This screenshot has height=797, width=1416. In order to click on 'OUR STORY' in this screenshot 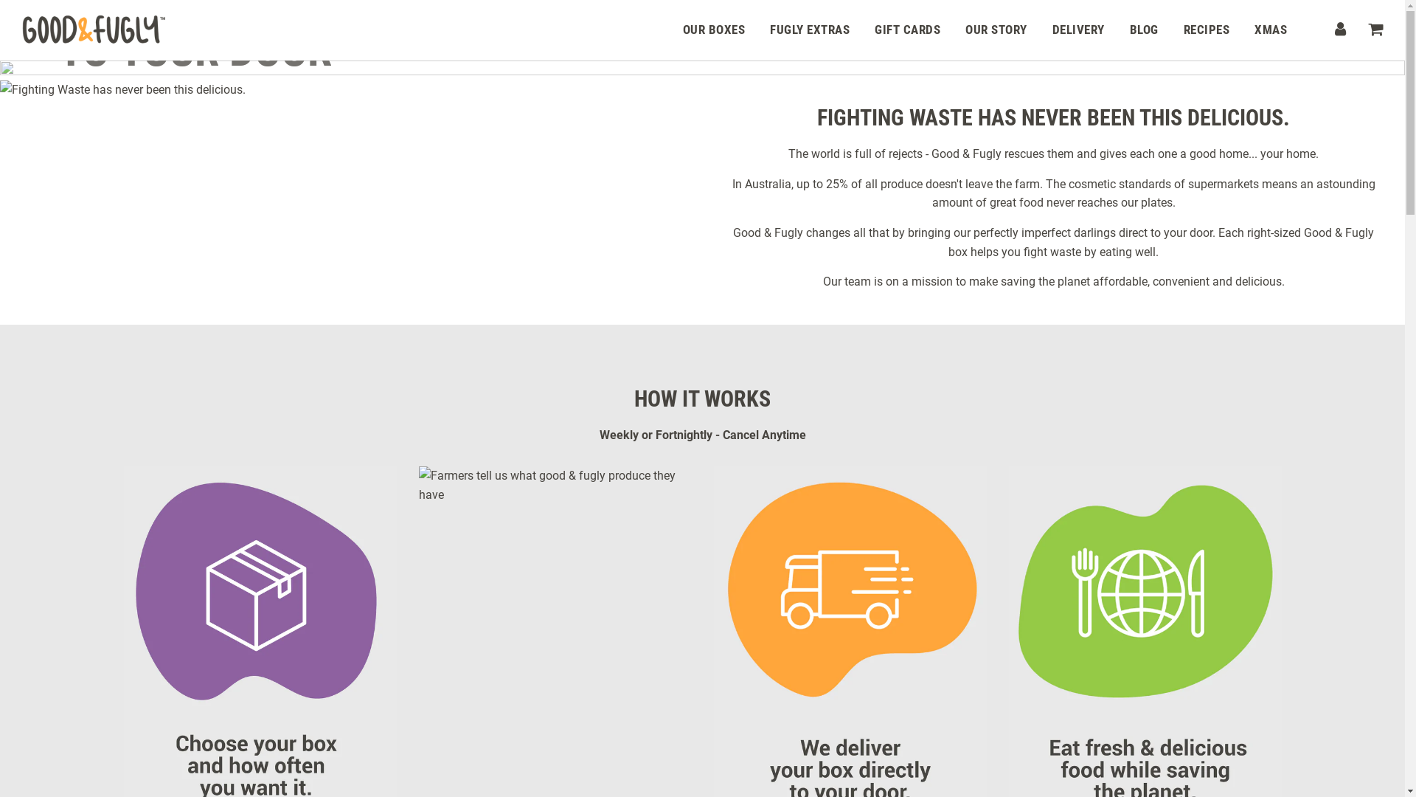, I will do `click(996, 30)`.